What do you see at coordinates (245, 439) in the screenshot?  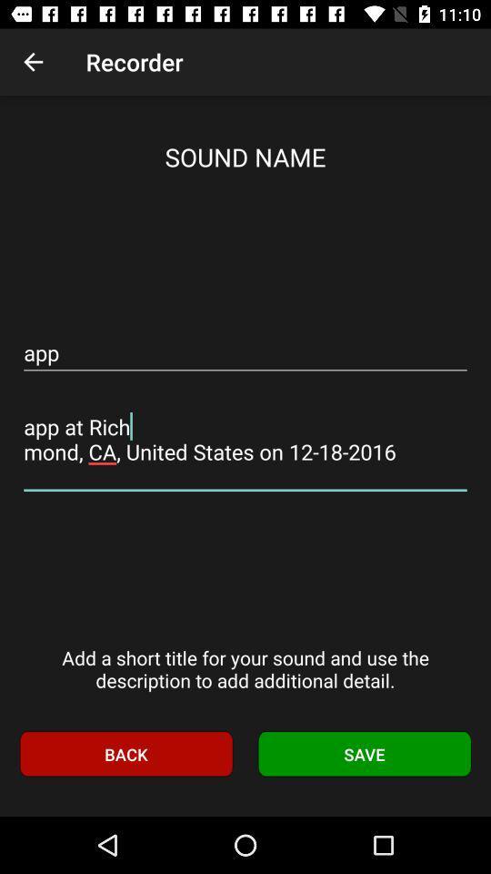 I see `item below app icon` at bounding box center [245, 439].